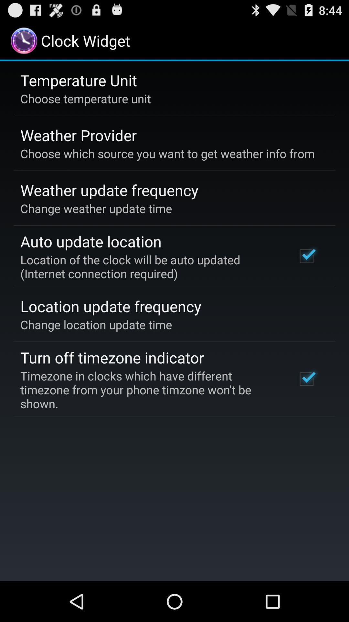 The height and width of the screenshot is (622, 349). Describe the element at coordinates (150, 267) in the screenshot. I see `the app above location update frequency icon` at that location.